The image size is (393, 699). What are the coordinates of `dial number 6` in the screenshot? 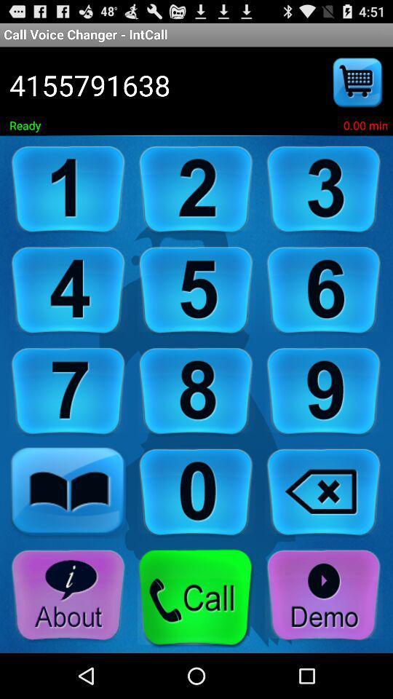 It's located at (324, 290).